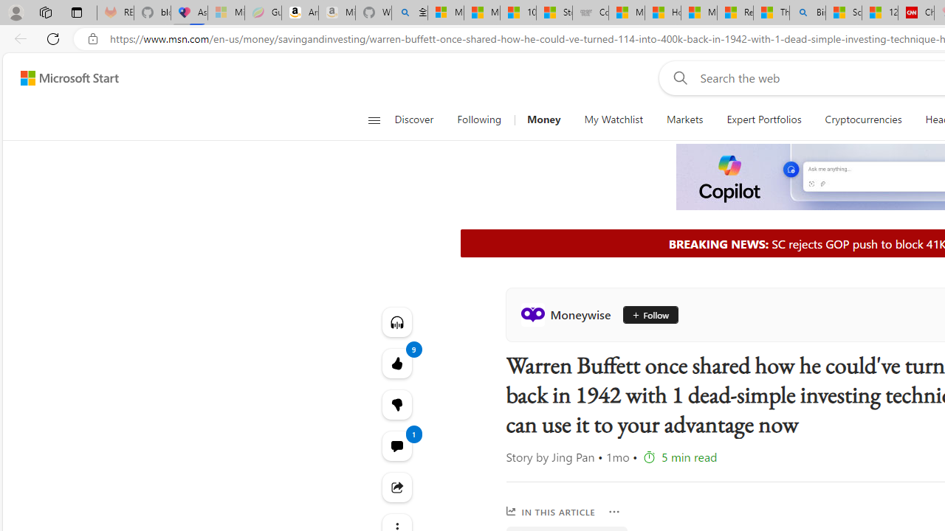  What do you see at coordinates (396, 322) in the screenshot?
I see `'Listen to this article'` at bounding box center [396, 322].